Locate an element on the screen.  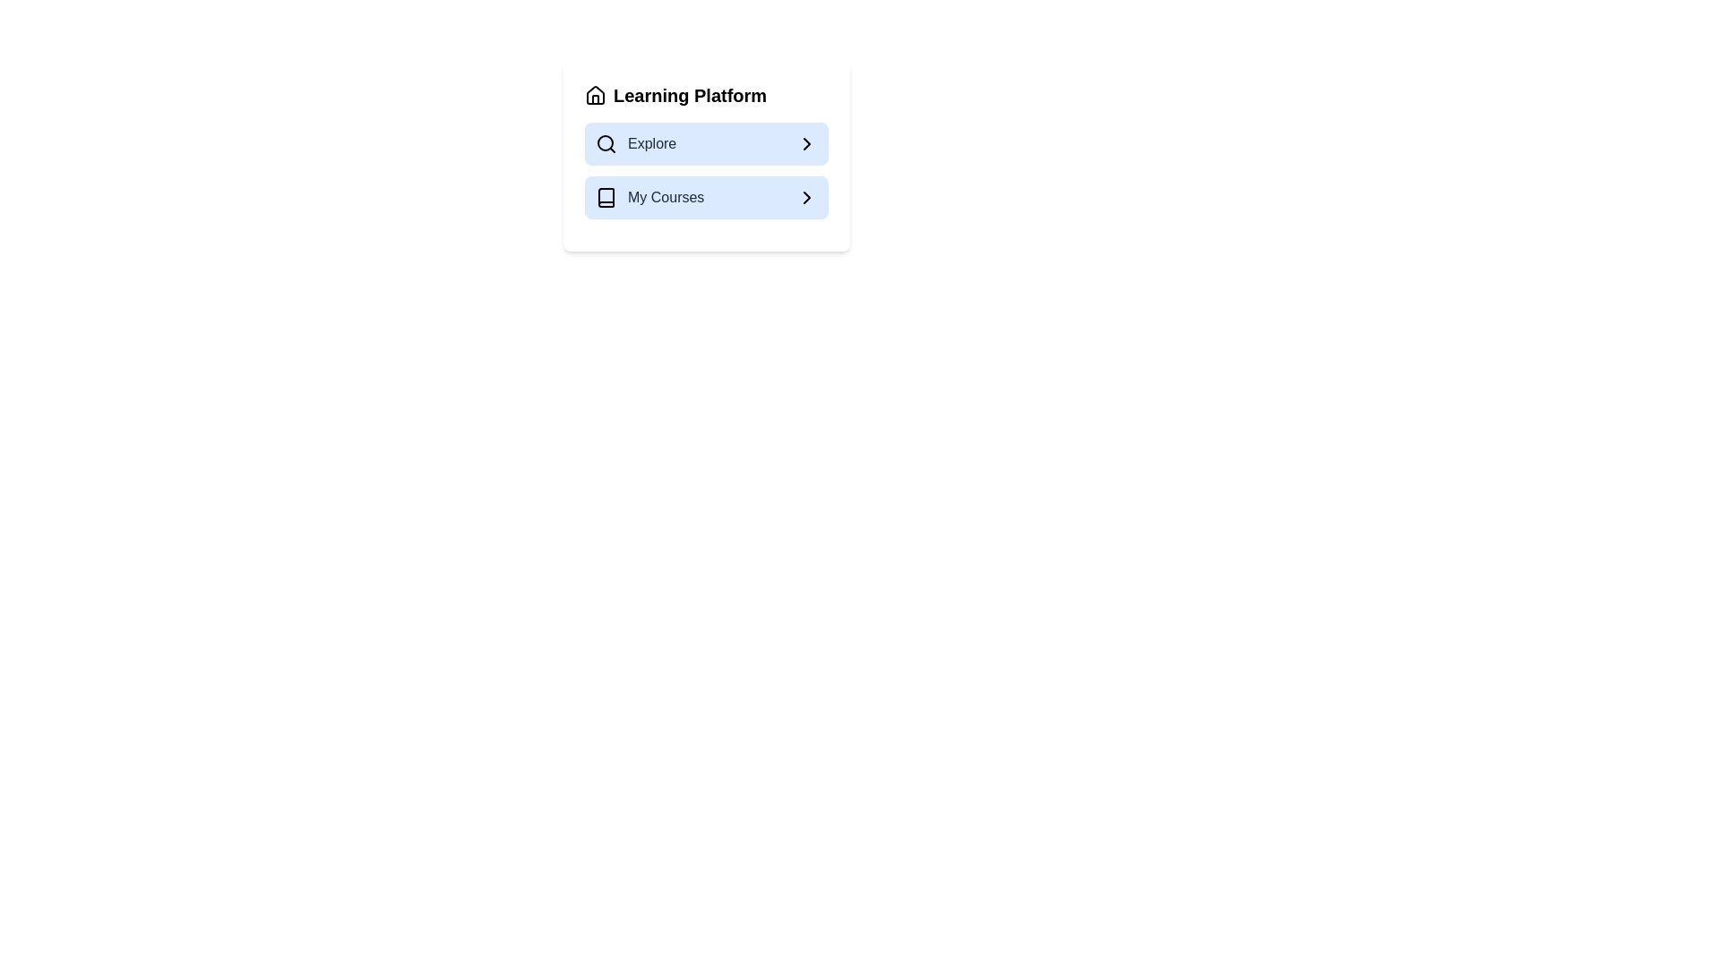
the 'My Courses' text and accompanying icon to trigger a visual response is located at coordinates (649, 197).